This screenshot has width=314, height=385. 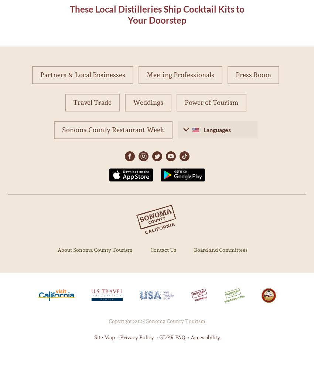 What do you see at coordinates (57, 249) in the screenshot?
I see `'About Sonoma County Tourism'` at bounding box center [57, 249].